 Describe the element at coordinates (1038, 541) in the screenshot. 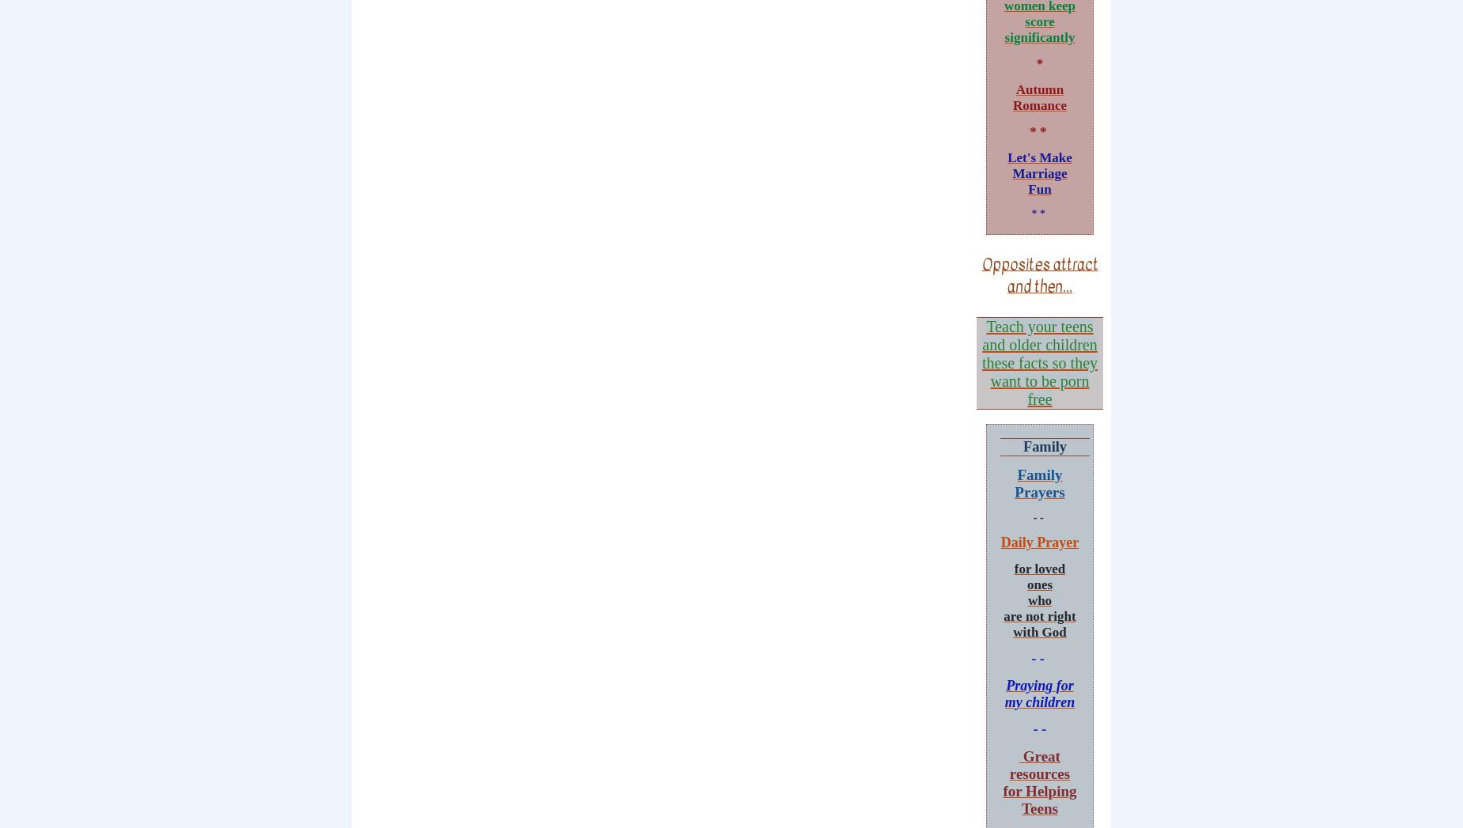

I see `'Daily Prayer'` at that location.